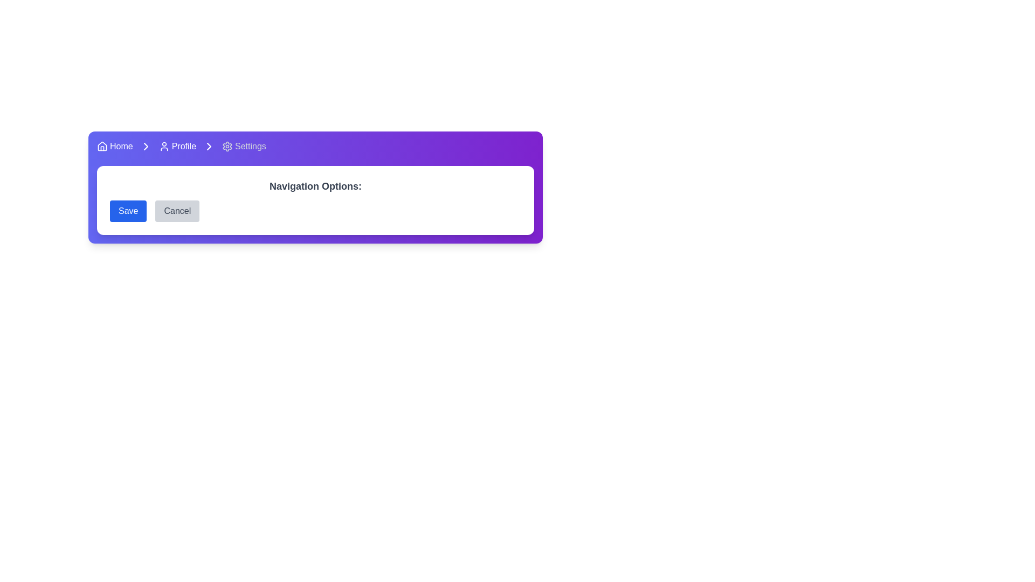 This screenshot has width=1035, height=582. What do you see at coordinates (102, 147) in the screenshot?
I see `the home icon located to the left of the 'Home' text in the navigation bar` at bounding box center [102, 147].